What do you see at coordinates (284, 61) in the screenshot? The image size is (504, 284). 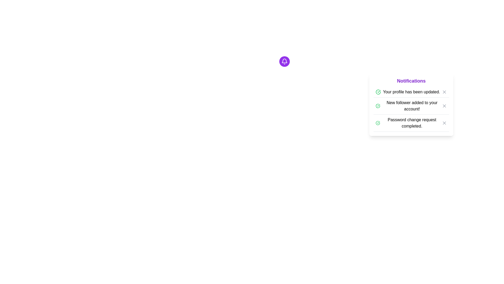 I see `the notification bell icon, which is a stylized bell shape outlined in white and set against a circular purple background` at bounding box center [284, 61].